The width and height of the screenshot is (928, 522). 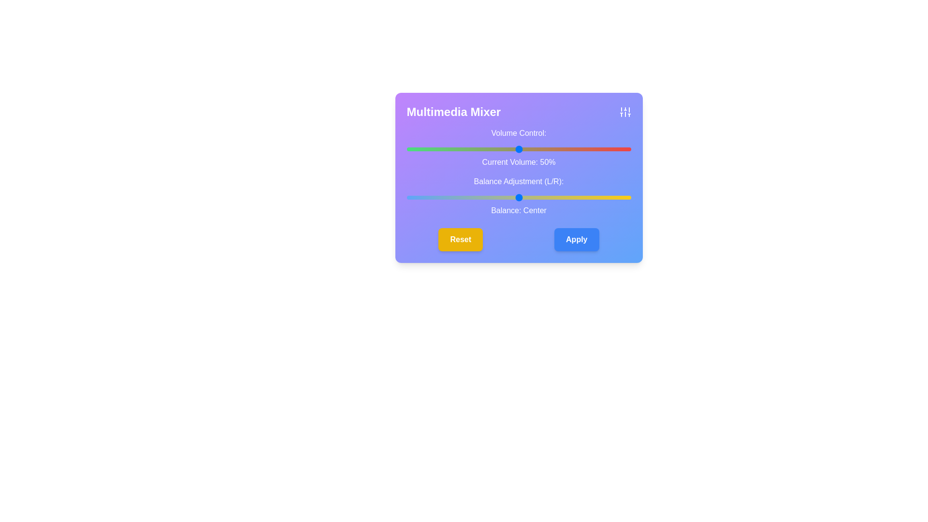 What do you see at coordinates (474, 197) in the screenshot?
I see `the balance slider to set the audio balance to -20` at bounding box center [474, 197].